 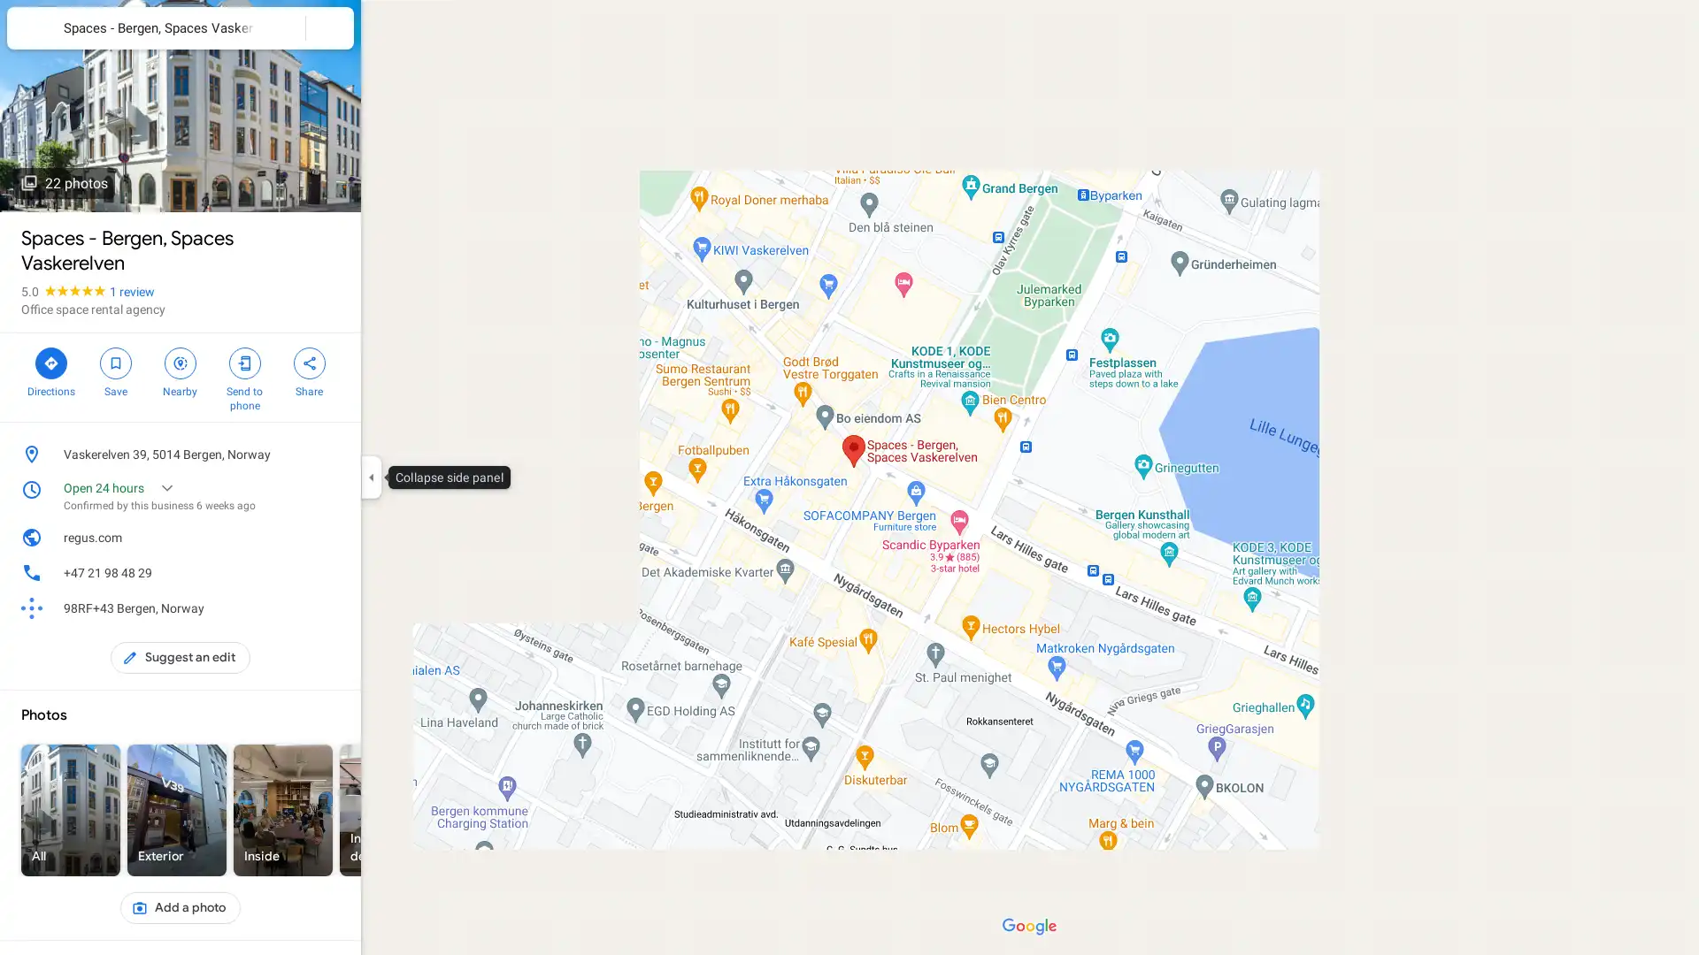 I want to click on Copy address, so click(x=331, y=453).